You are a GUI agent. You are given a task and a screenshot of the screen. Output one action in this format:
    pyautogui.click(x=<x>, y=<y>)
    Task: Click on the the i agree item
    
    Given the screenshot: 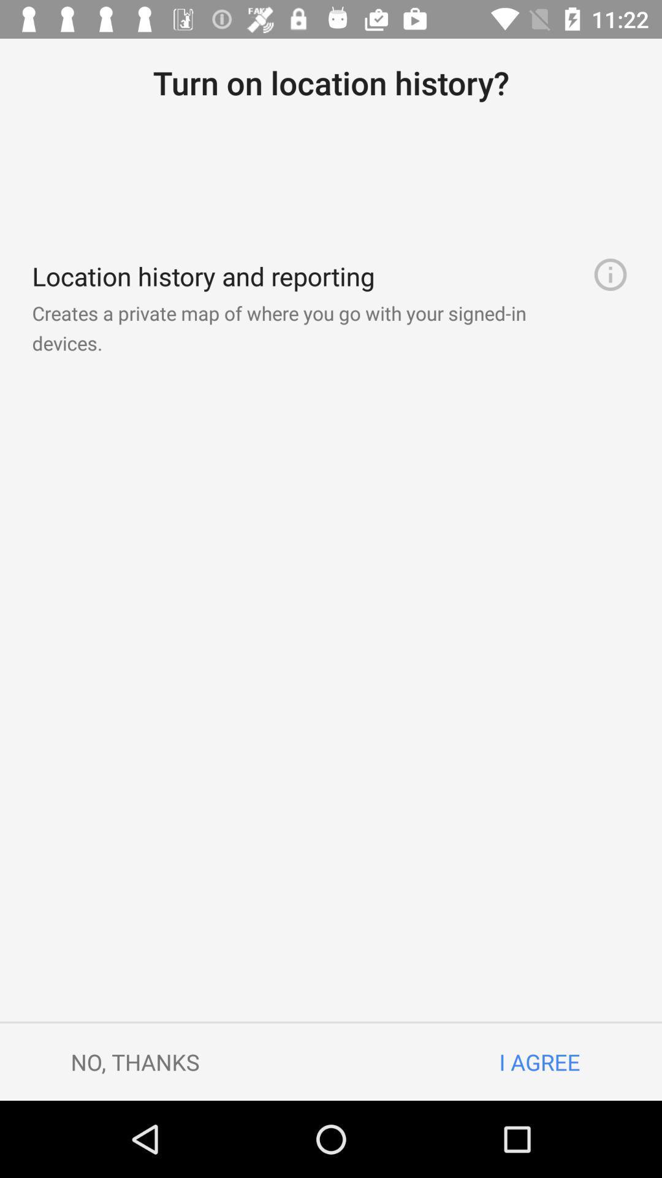 What is the action you would take?
    pyautogui.click(x=539, y=1061)
    